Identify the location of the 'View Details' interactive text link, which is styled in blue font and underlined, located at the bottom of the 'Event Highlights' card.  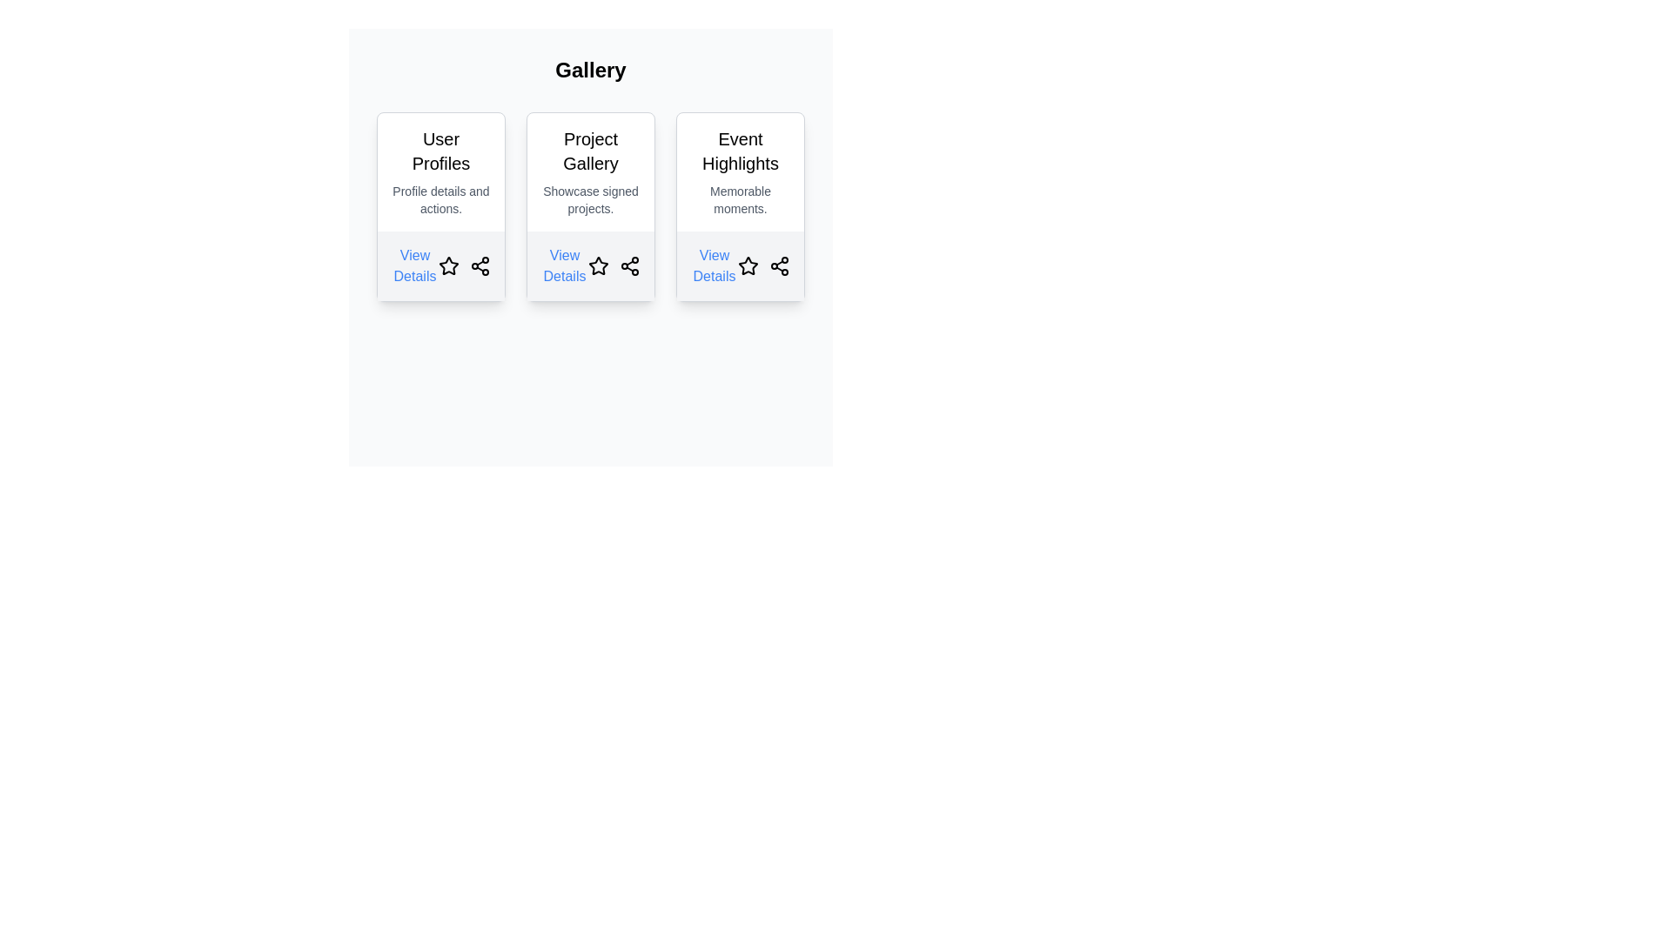
(714, 265).